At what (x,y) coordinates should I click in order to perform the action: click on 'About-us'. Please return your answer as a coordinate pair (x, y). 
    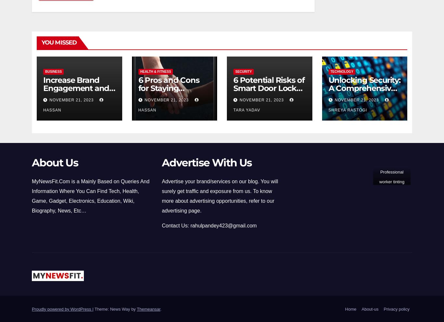
    Looking at the image, I should click on (370, 309).